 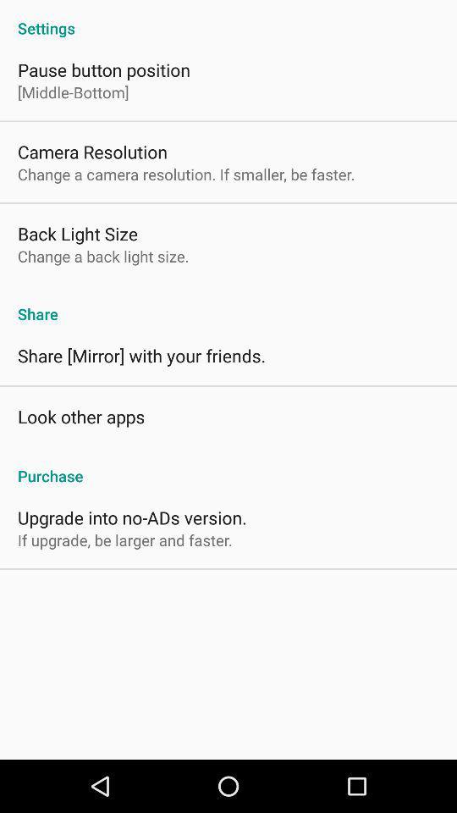 I want to click on [middle-bottom] app, so click(x=72, y=92).